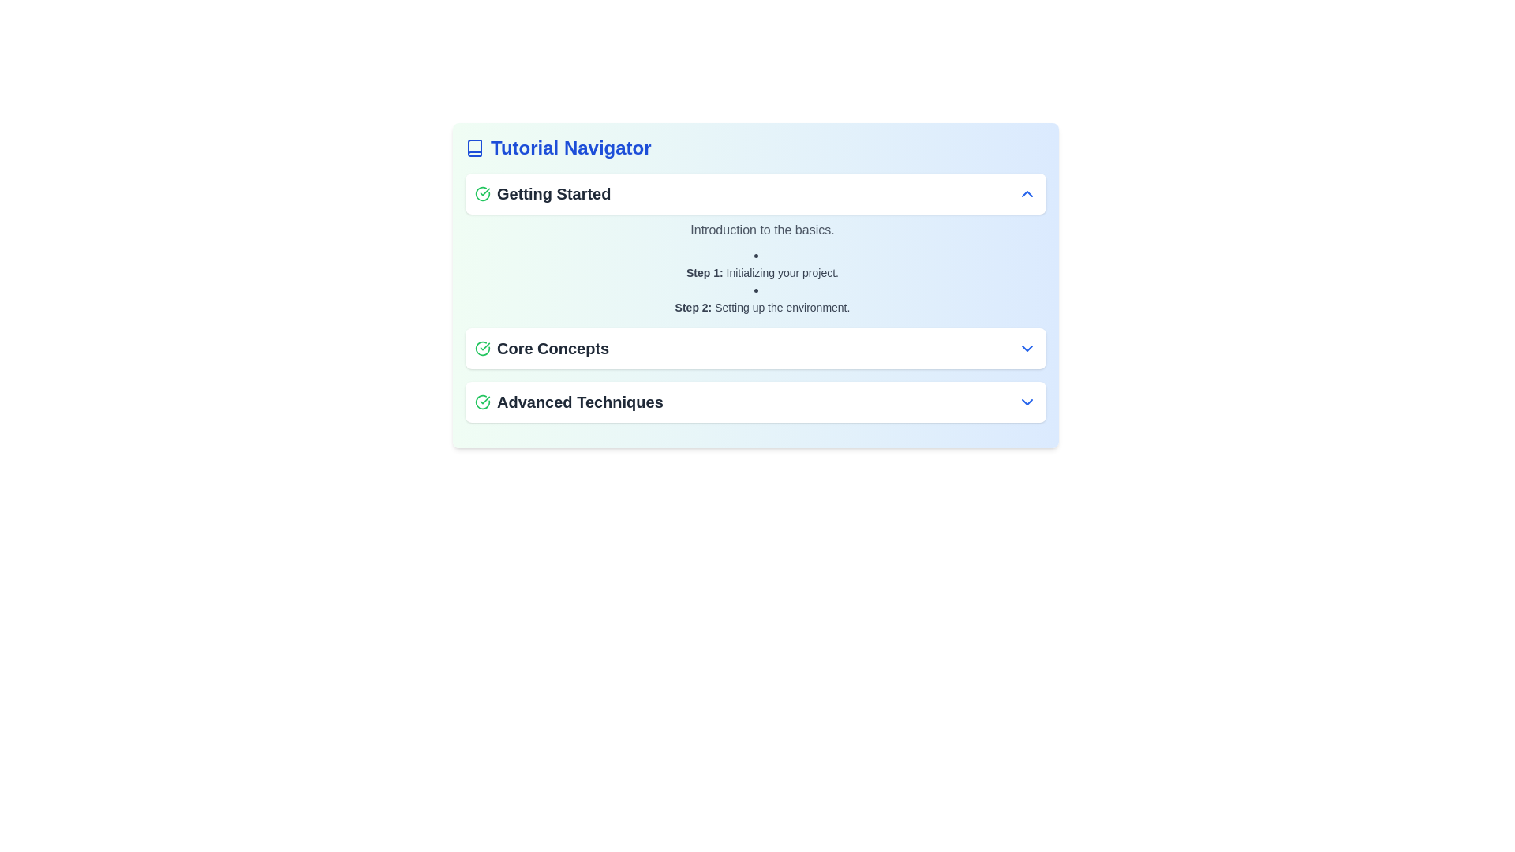  Describe the element at coordinates (543, 193) in the screenshot. I see `the section header Text element with an icon in the Tutorial Navigator, which indicates the start of the tutorial` at that location.